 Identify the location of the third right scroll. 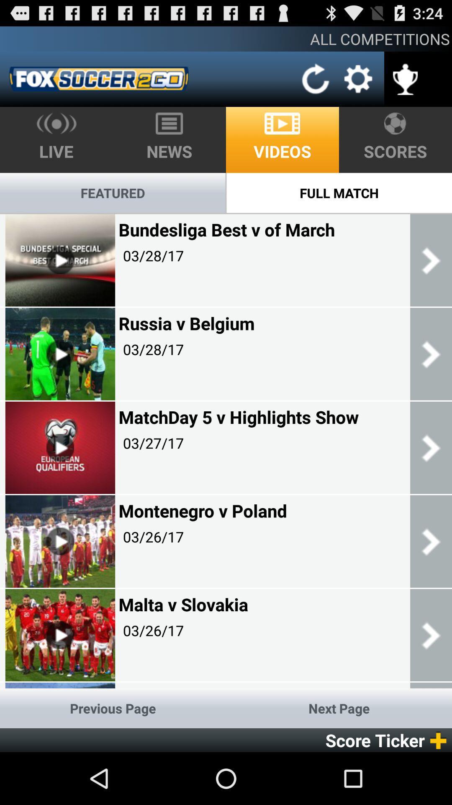
(431, 447).